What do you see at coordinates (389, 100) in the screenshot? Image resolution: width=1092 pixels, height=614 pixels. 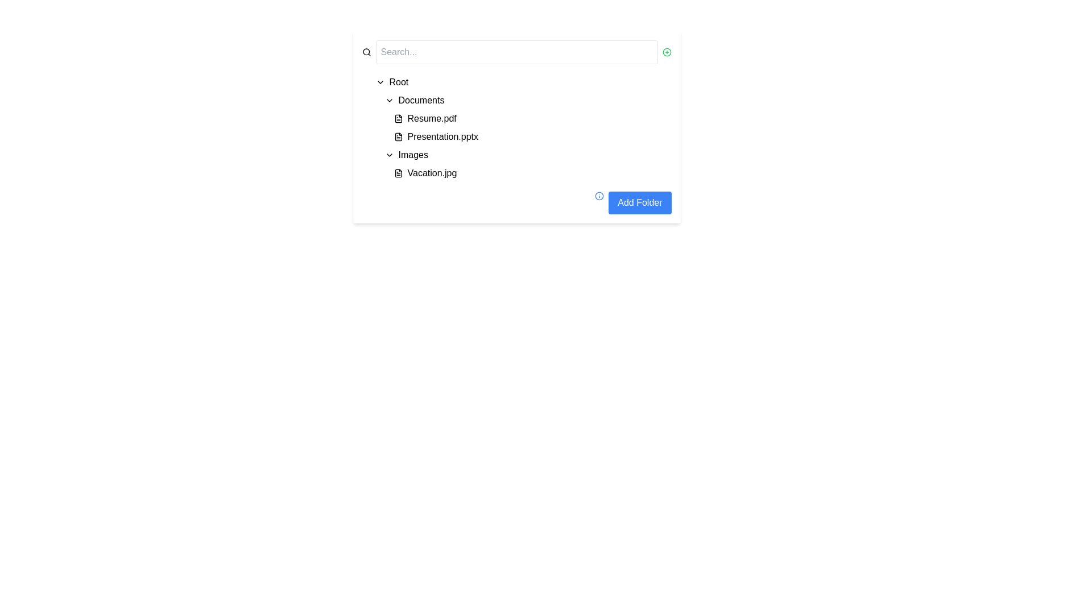 I see `the downward chevron icon located to the left of the 'Documents' text` at bounding box center [389, 100].